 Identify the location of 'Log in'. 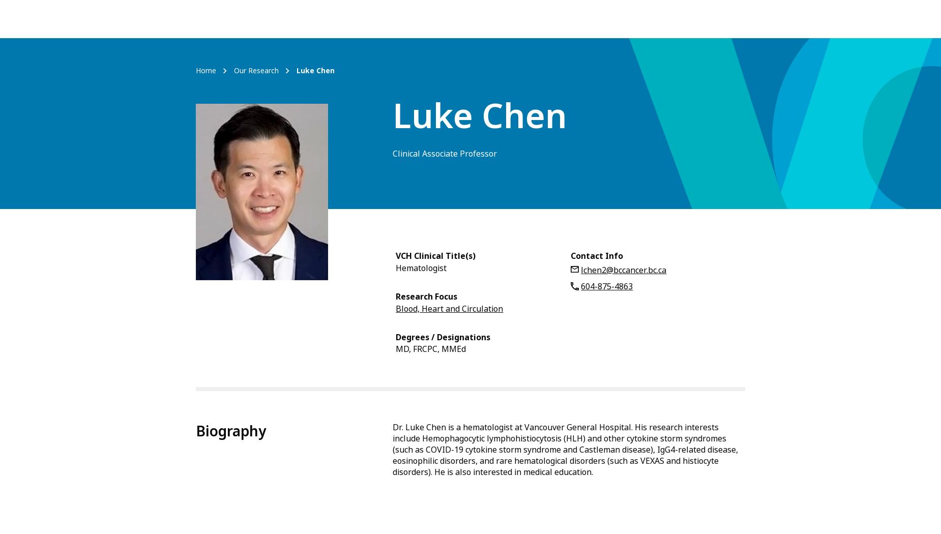
(746, 18).